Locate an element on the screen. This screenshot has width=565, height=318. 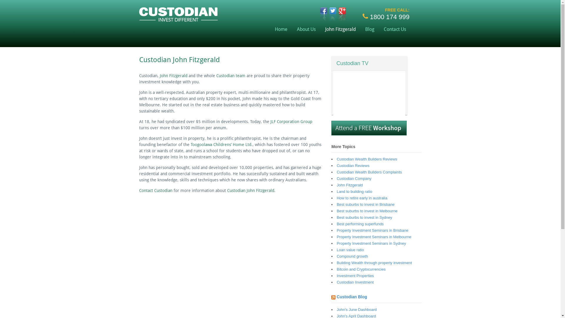
'Home' is located at coordinates (281, 29).